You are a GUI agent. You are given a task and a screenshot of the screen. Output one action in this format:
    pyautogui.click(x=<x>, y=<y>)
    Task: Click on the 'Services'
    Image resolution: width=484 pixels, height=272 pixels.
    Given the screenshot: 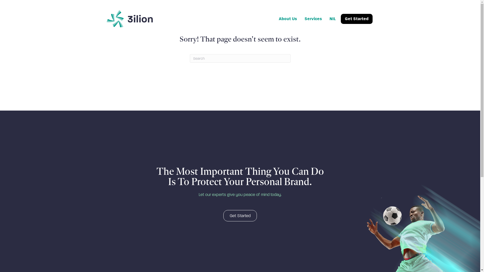 What is the action you would take?
    pyautogui.click(x=313, y=18)
    